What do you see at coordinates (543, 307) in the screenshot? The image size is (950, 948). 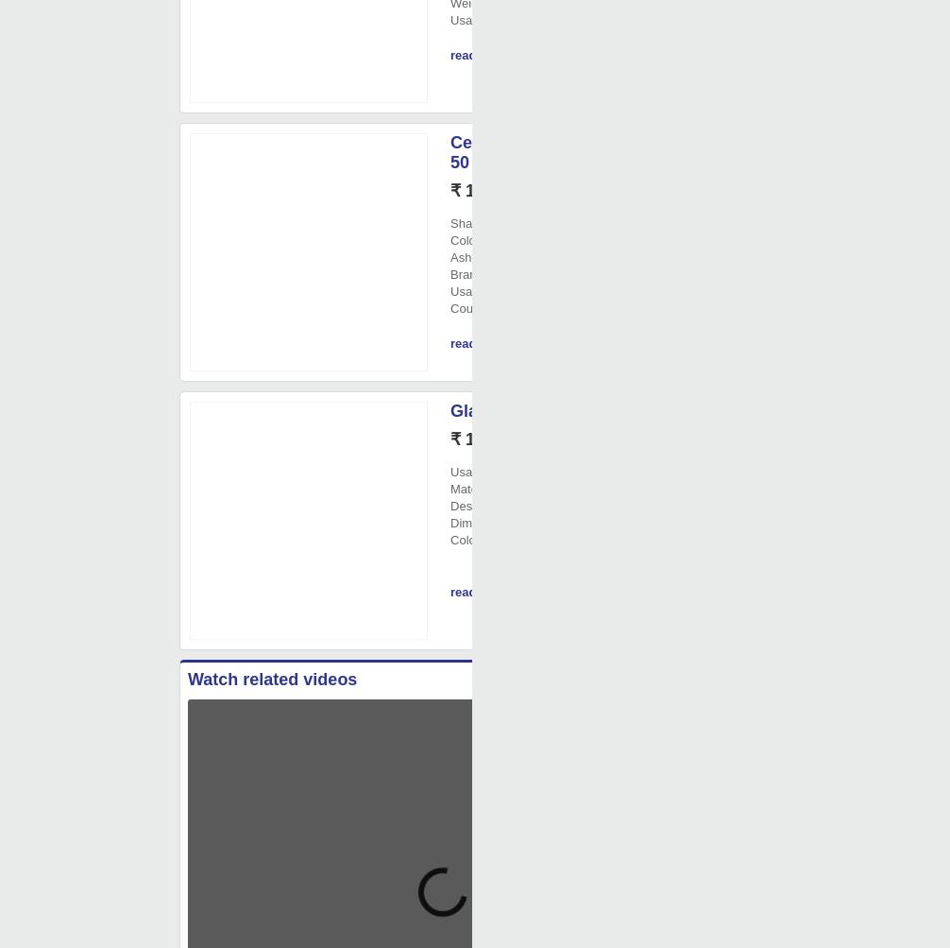 I see `':  Made in India'` at bounding box center [543, 307].